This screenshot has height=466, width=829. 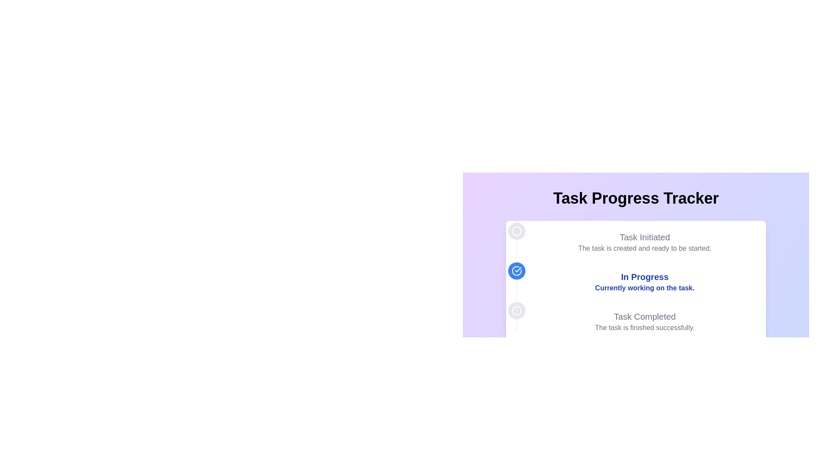 I want to click on the center of the topmost circular progress marker in the task progress tracker, so click(x=517, y=231).